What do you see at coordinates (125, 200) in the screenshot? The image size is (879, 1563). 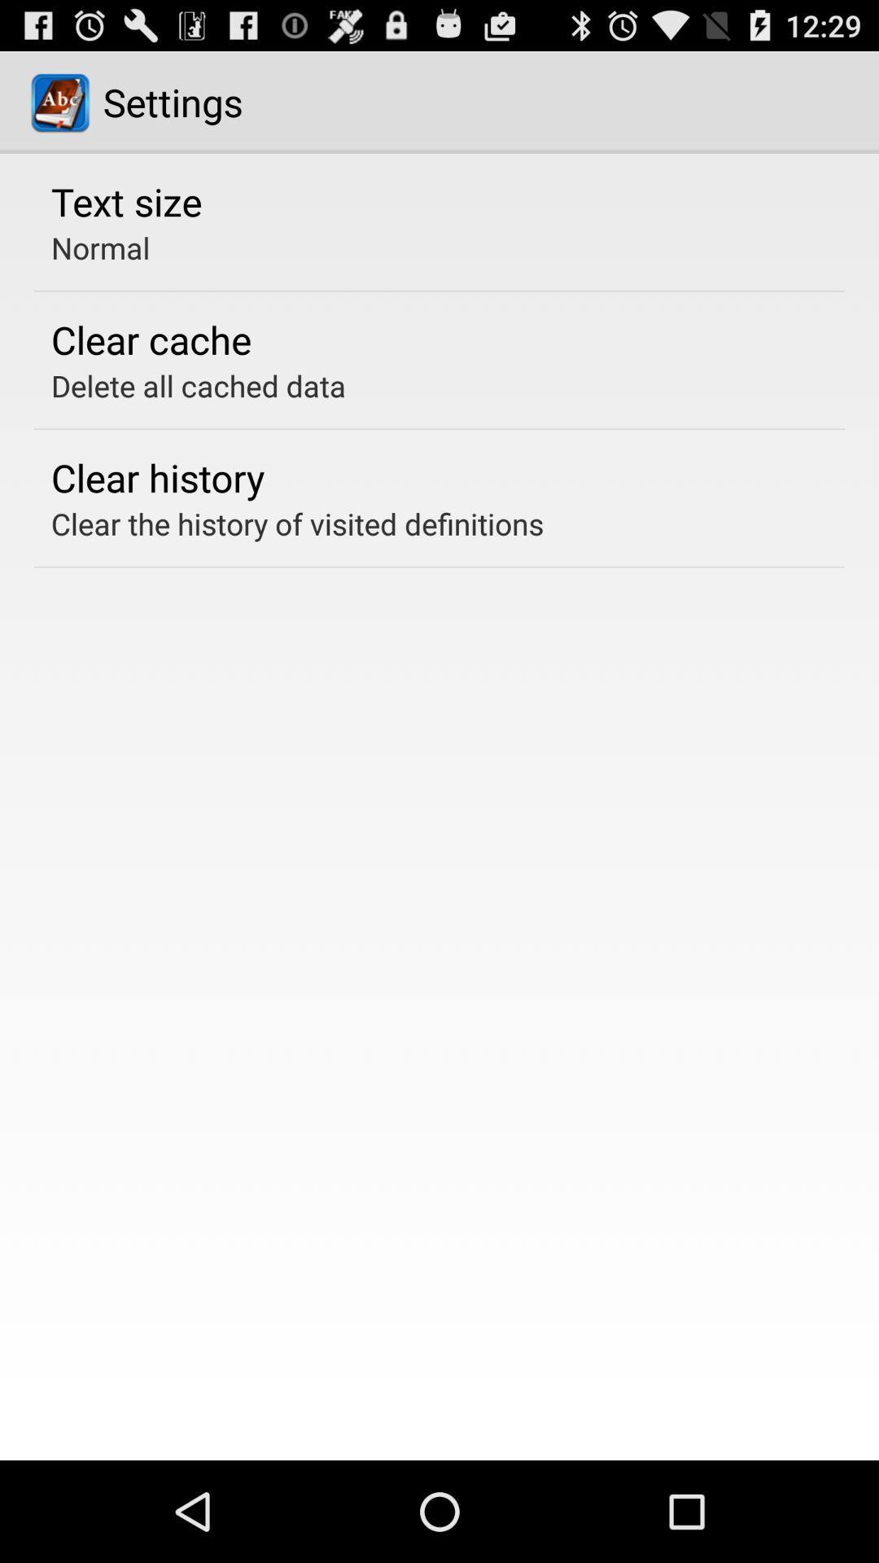 I see `text size item` at bounding box center [125, 200].